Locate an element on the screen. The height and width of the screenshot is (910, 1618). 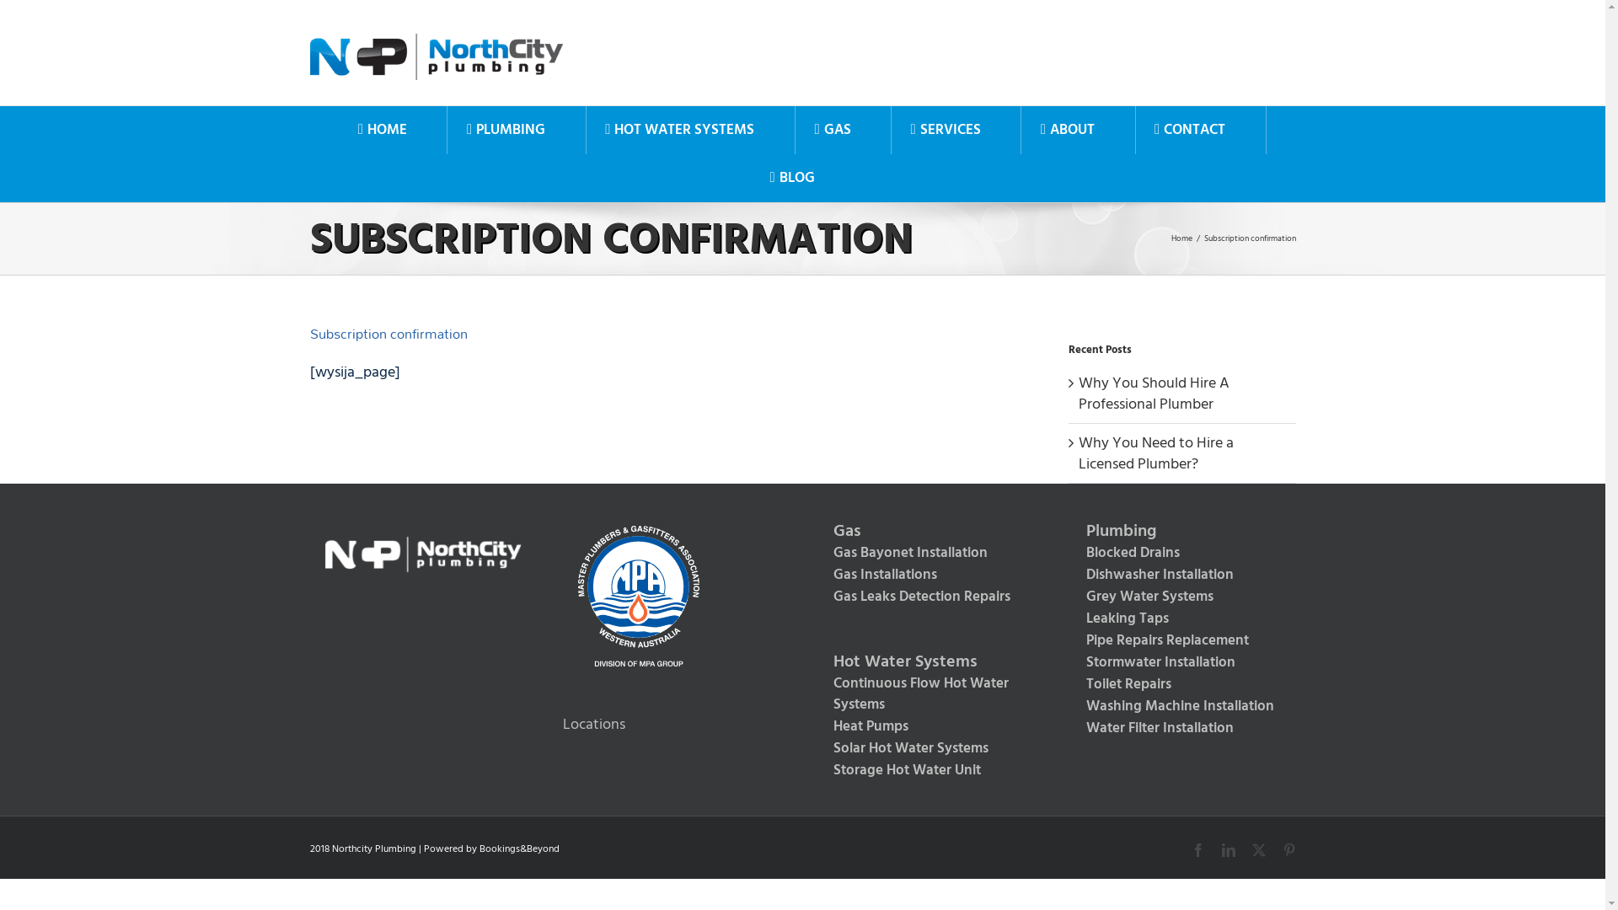
'HOME' is located at coordinates (338, 129).